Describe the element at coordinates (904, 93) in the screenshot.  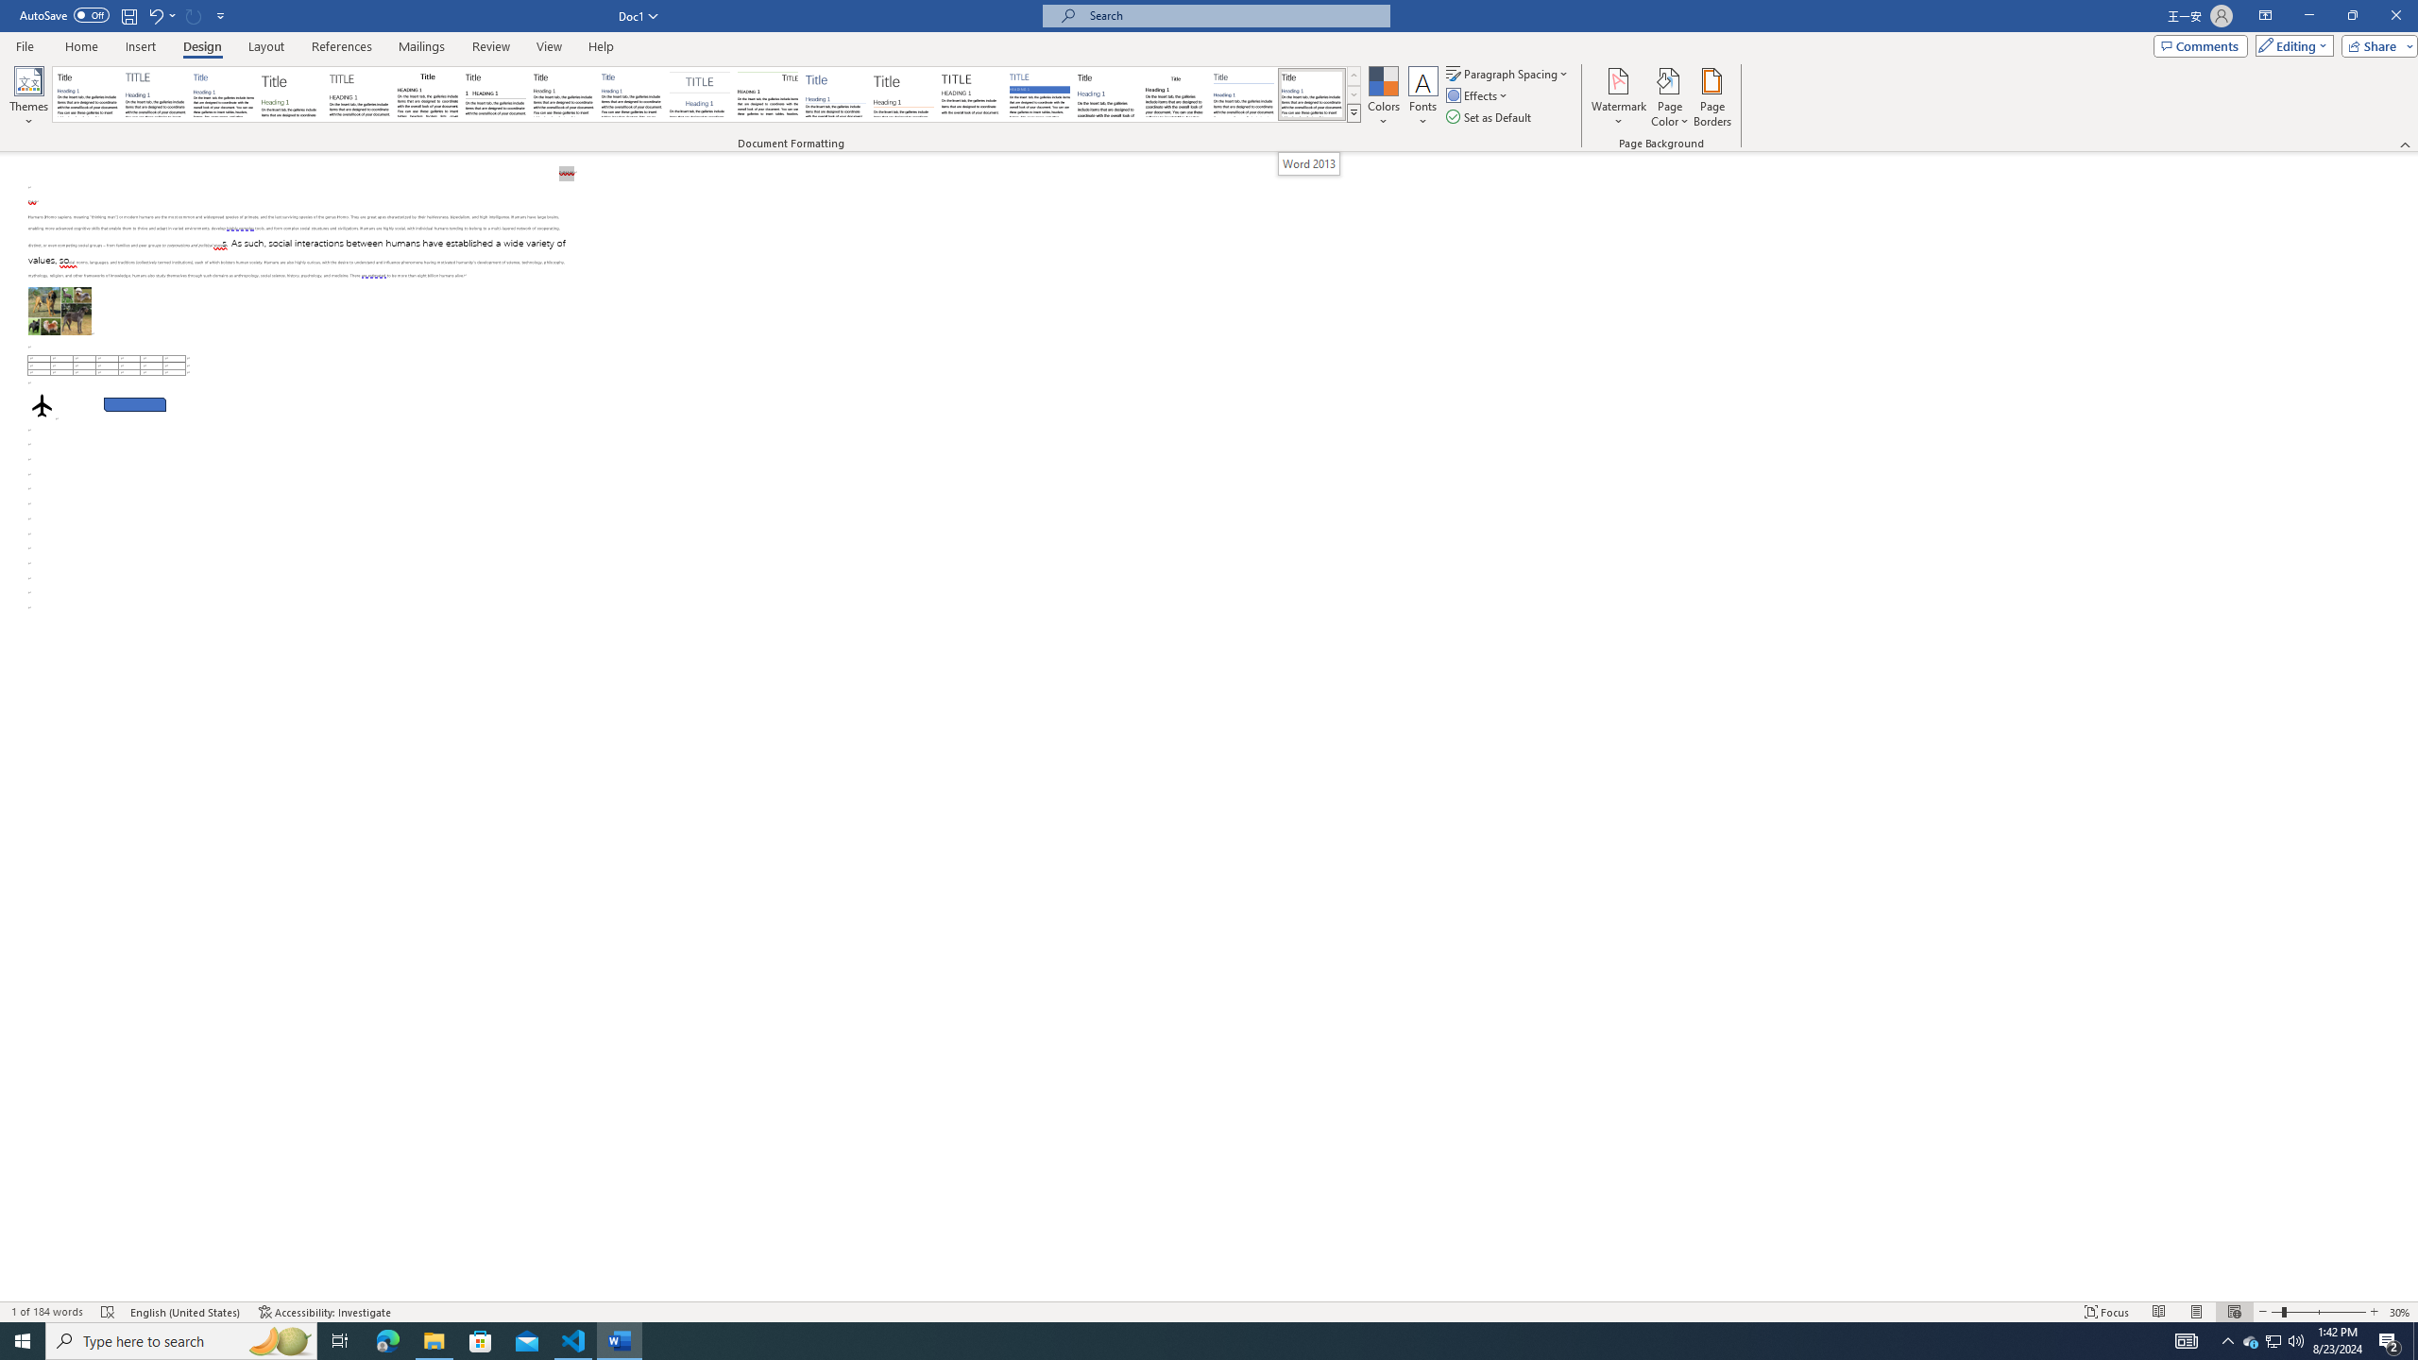
I see `'Lines (Stylish)'` at that location.